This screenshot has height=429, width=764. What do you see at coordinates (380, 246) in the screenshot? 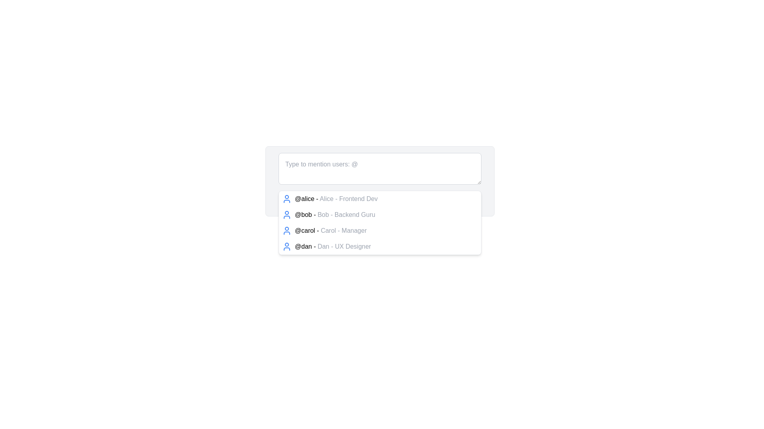
I see `the fourth item in the dropdown menu, which is used for mentioning or tagging users` at bounding box center [380, 246].